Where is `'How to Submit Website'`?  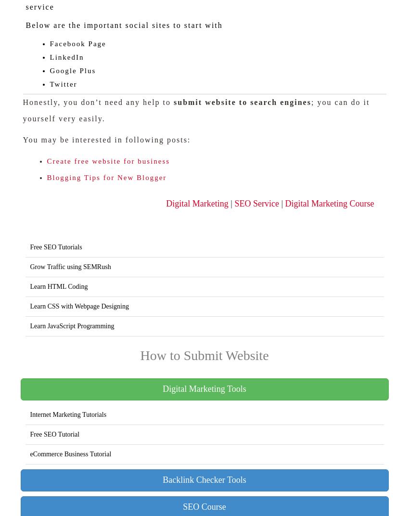 'How to Submit Website' is located at coordinates (204, 355).